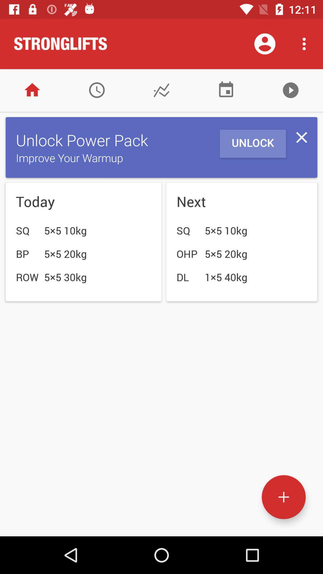 This screenshot has height=574, width=323. What do you see at coordinates (226, 90) in the screenshot?
I see `workout schedule` at bounding box center [226, 90].